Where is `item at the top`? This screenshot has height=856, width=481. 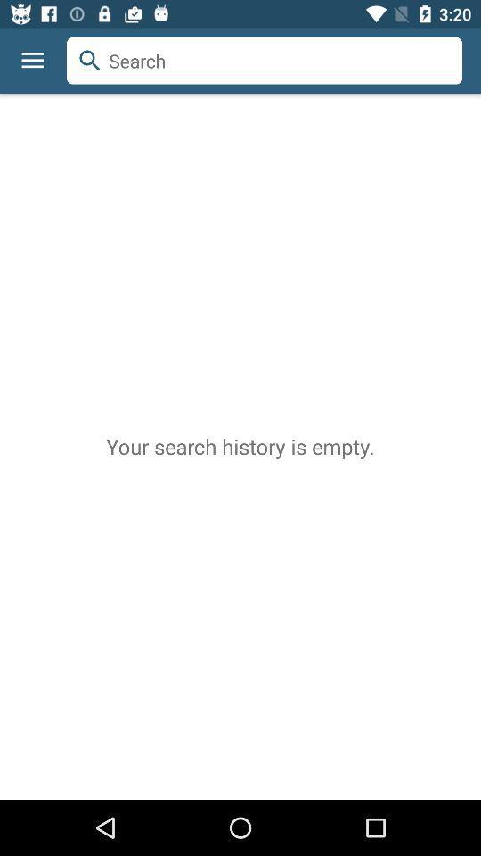 item at the top is located at coordinates (264, 61).